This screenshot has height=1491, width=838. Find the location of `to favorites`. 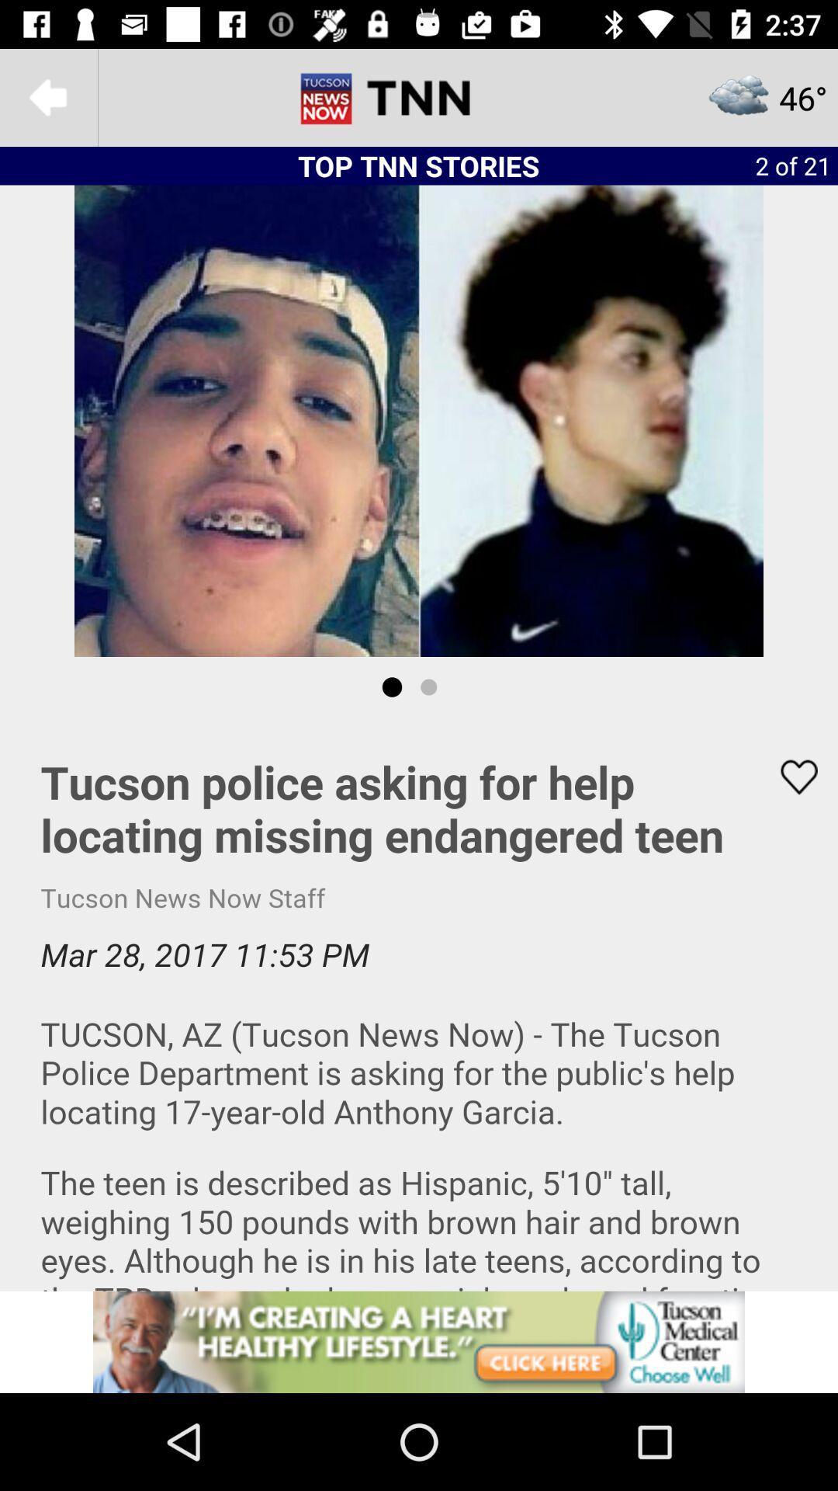

to favorites is located at coordinates (789, 777).